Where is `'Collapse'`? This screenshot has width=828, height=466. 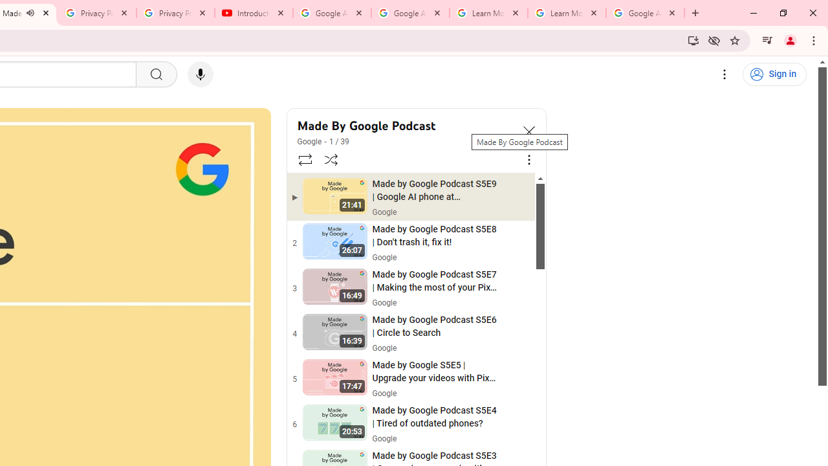
'Collapse' is located at coordinates (528, 131).